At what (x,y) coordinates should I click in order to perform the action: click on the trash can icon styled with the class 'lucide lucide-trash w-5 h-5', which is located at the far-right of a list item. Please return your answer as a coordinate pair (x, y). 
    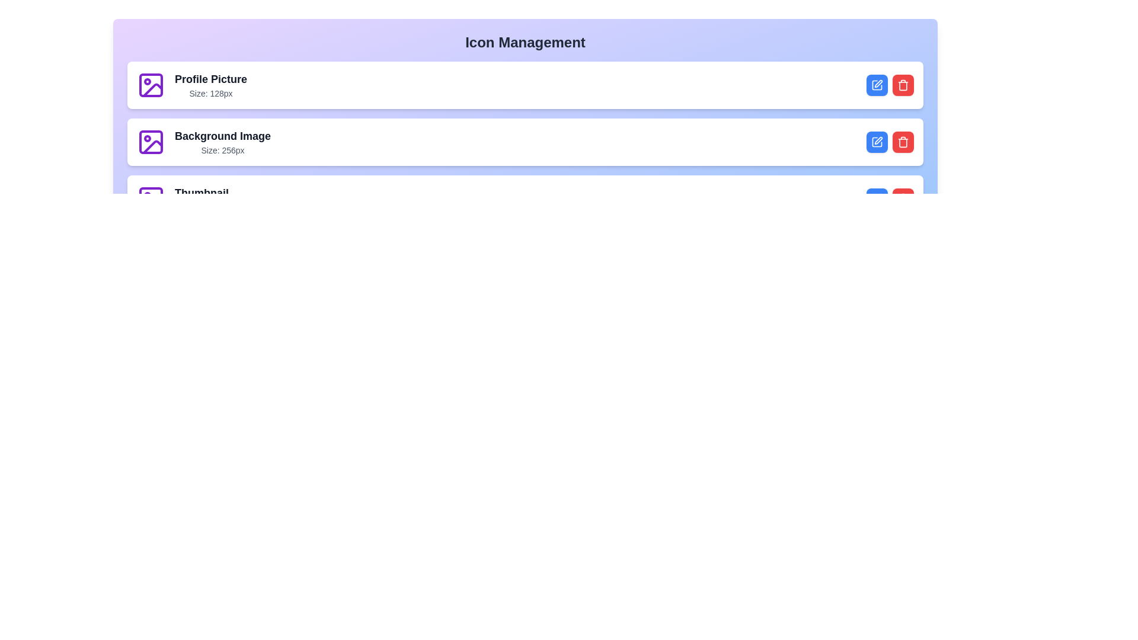
    Looking at the image, I should click on (902, 141).